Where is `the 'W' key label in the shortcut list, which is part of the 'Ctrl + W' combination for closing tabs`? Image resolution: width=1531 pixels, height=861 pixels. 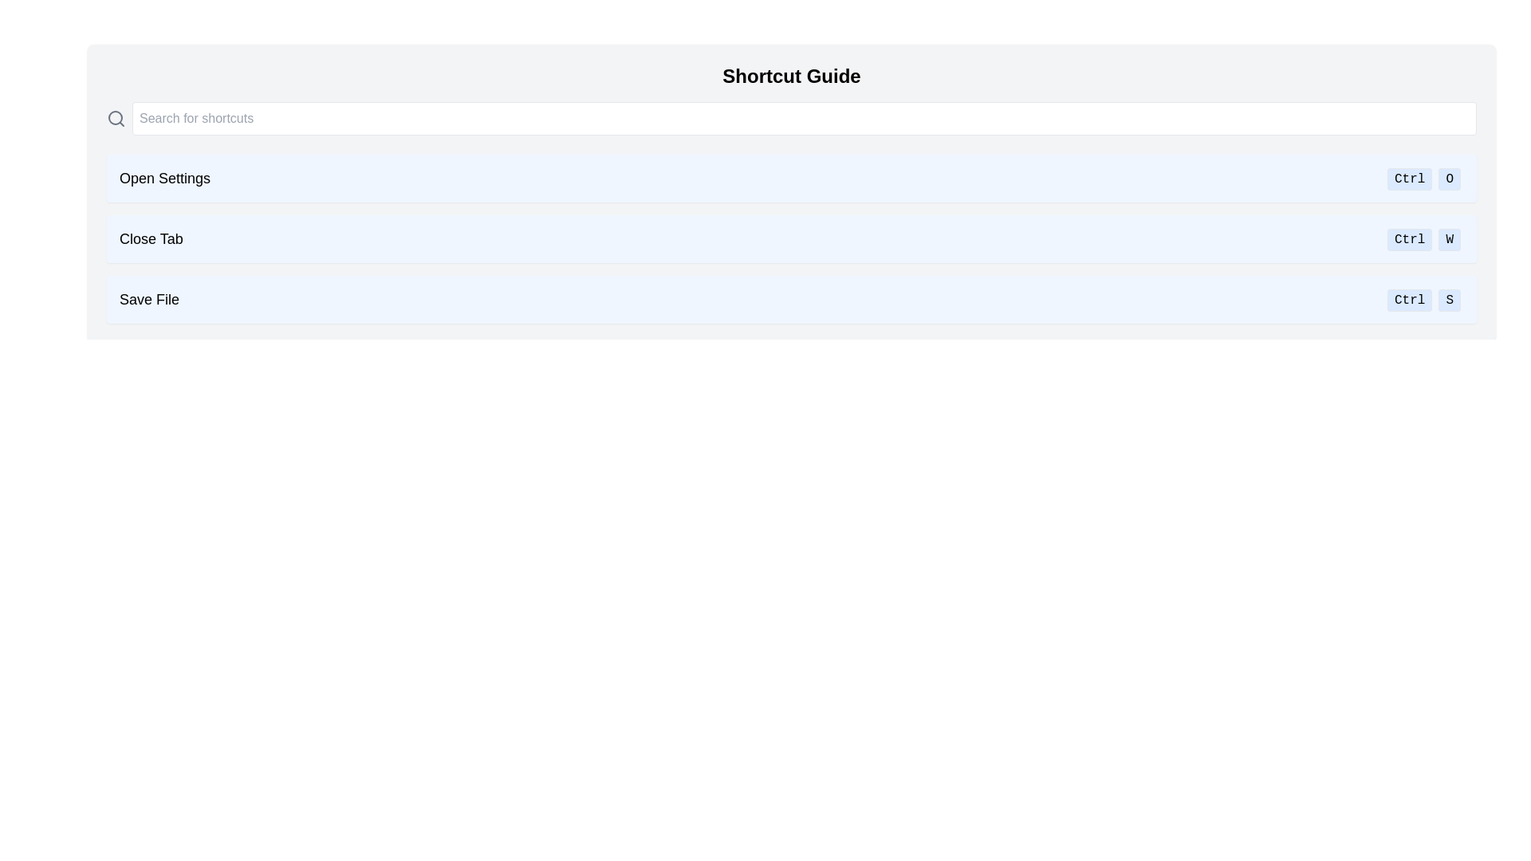 the 'W' key label in the shortcut list, which is part of the 'Ctrl + W' combination for closing tabs is located at coordinates (1450, 239).